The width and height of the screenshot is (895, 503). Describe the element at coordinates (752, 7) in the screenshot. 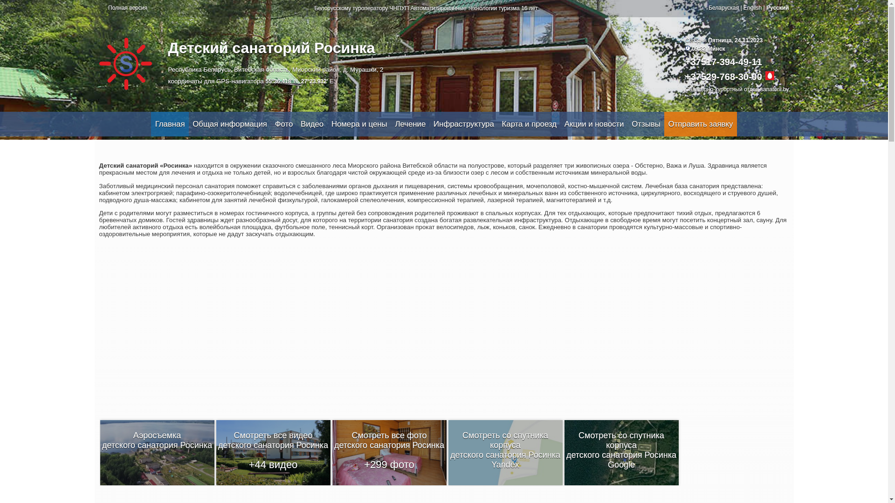

I see `'English'` at that location.